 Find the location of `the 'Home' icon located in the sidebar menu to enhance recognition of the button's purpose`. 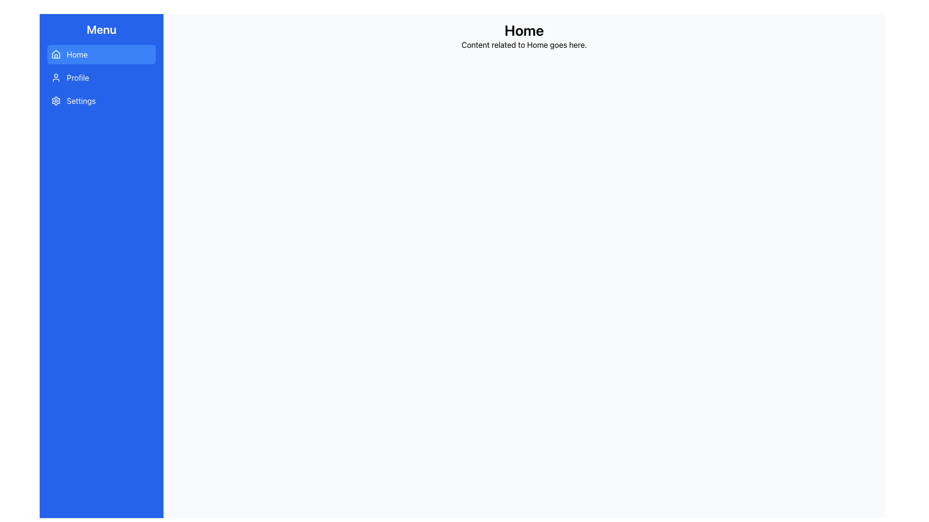

the 'Home' icon located in the sidebar menu to enhance recognition of the button's purpose is located at coordinates (55, 54).